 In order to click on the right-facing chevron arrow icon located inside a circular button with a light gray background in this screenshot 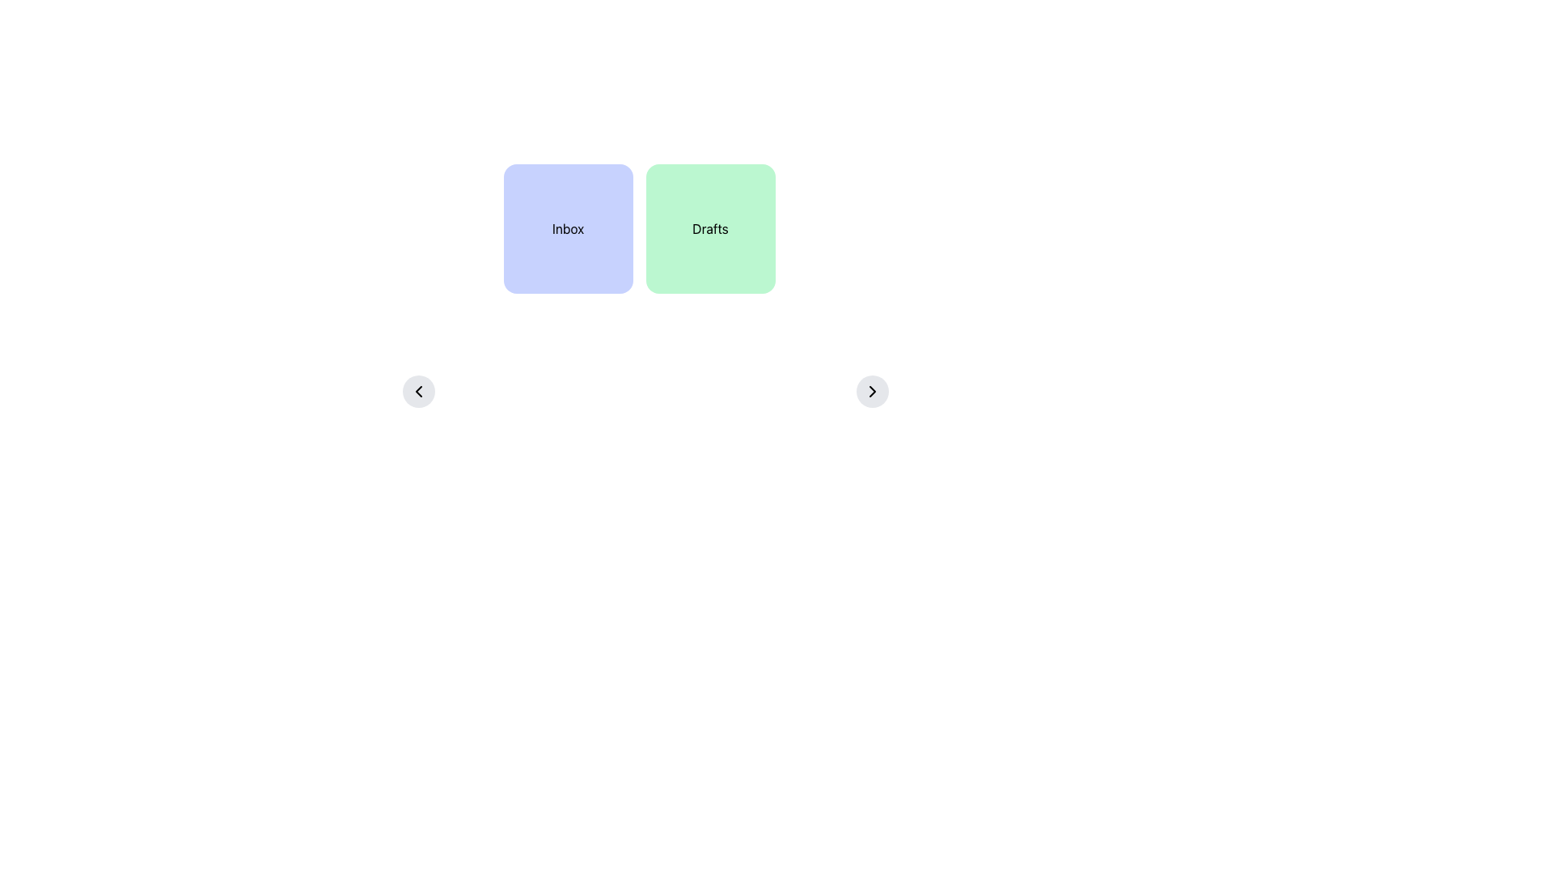, I will do `click(872, 391)`.